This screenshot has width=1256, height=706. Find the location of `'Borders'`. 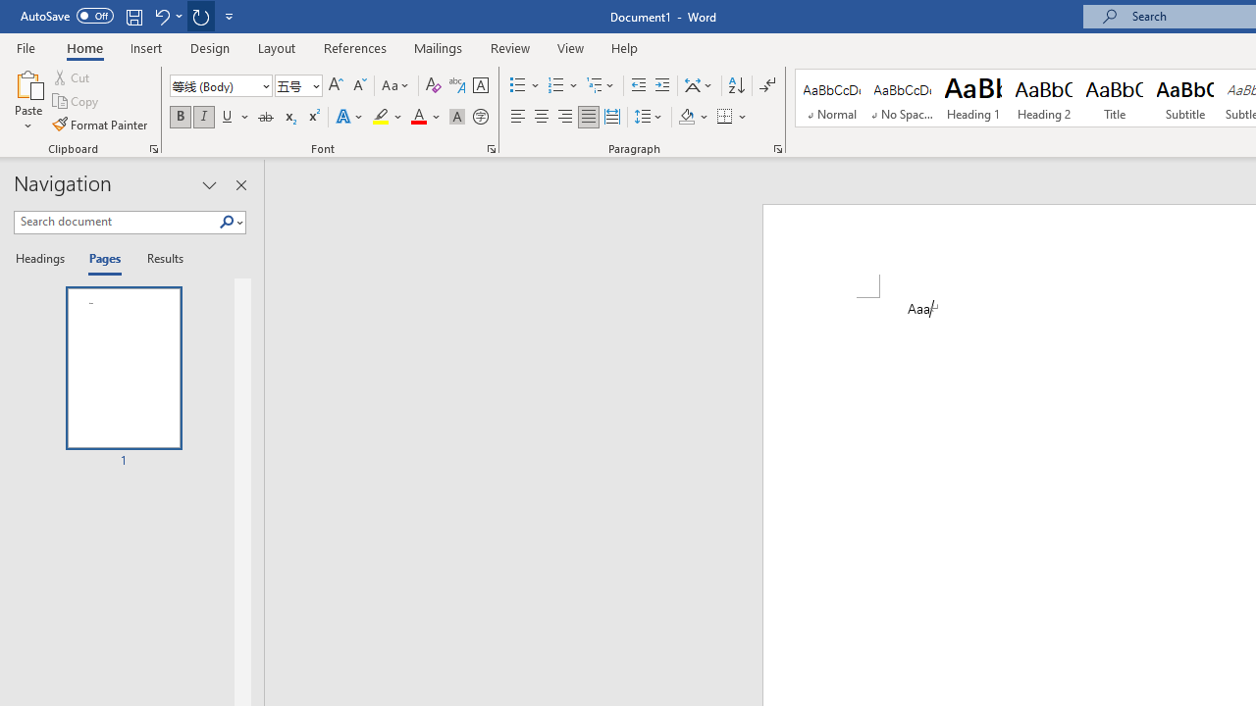

'Borders' is located at coordinates (724, 117).